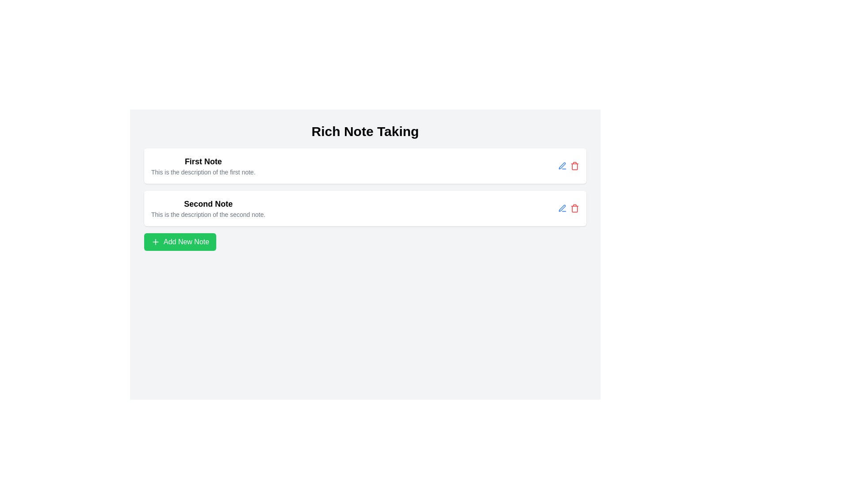 The width and height of the screenshot is (849, 477). I want to click on the group of action buttons (icons: edit and delete) located in the rightmost section of the rectangular card labeled 'First Note', so click(569, 166).